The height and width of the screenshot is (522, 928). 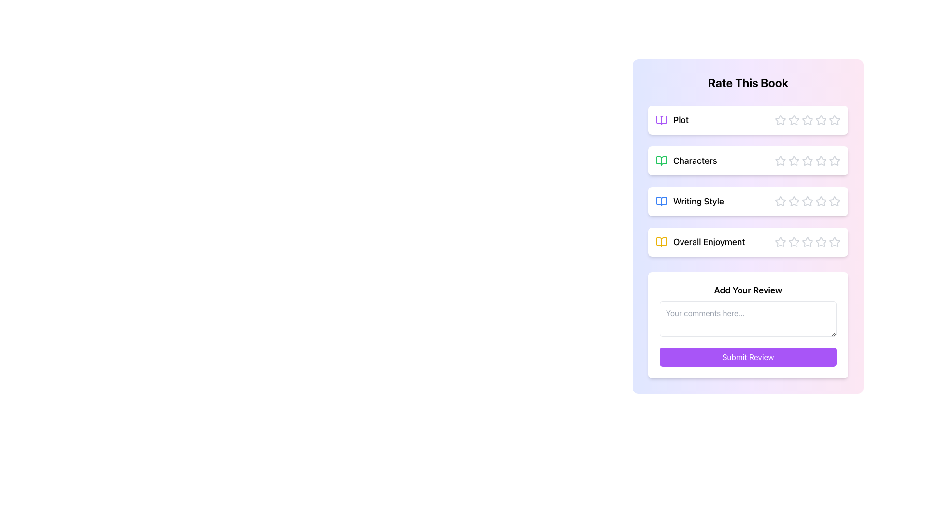 I want to click on the fourth star icon in the 'Characters' rating section to rate it, so click(x=807, y=160).